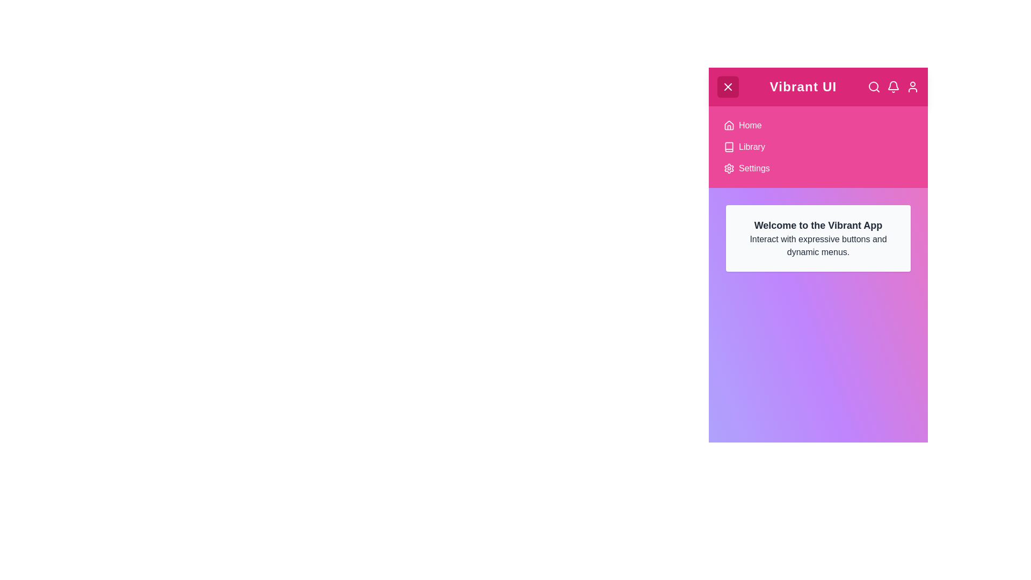 The height and width of the screenshot is (580, 1031). What do you see at coordinates (728, 86) in the screenshot?
I see `menu button to toggle the menu visibility` at bounding box center [728, 86].